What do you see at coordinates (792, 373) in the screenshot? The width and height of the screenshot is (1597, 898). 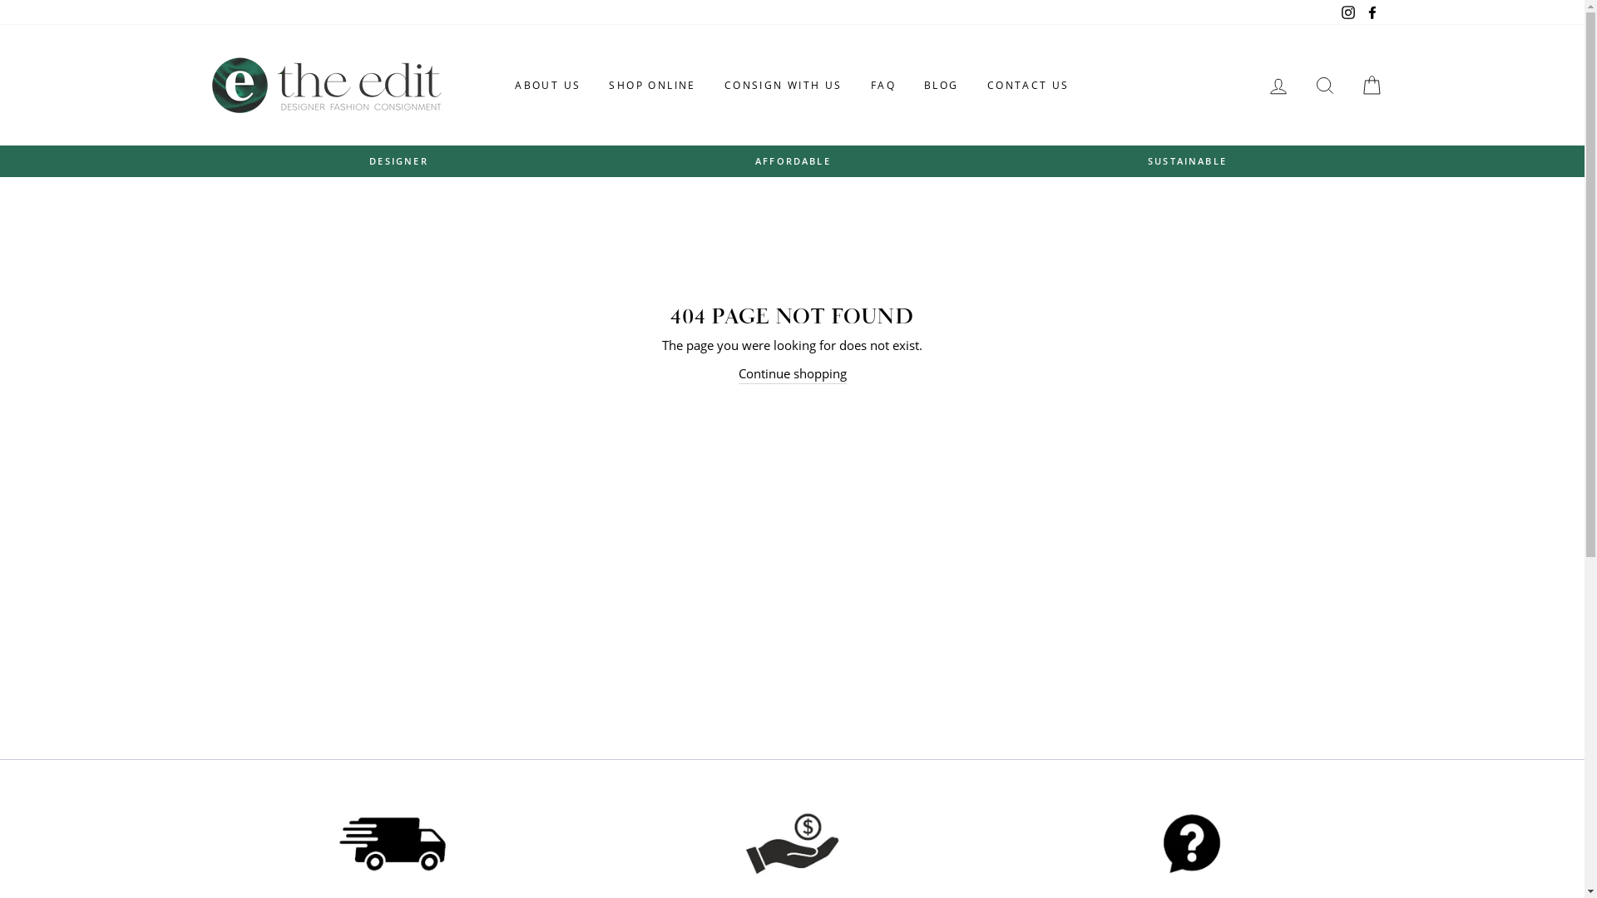 I see `'Continue shopping'` at bounding box center [792, 373].